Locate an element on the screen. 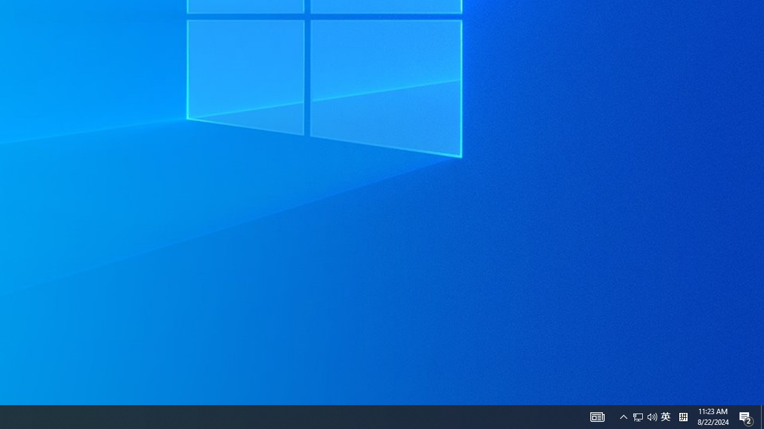 The height and width of the screenshot is (429, 764). 'Tray Input Indicator - Chinese (Simplified, China)' is located at coordinates (665, 416).